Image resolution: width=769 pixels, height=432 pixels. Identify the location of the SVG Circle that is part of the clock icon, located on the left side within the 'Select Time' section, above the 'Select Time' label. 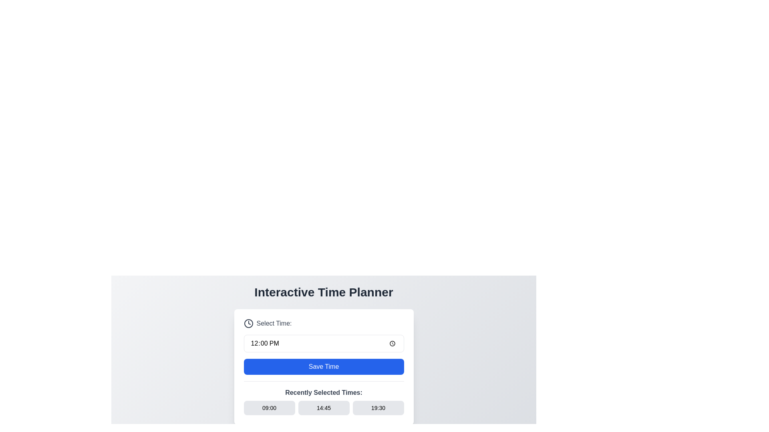
(248, 323).